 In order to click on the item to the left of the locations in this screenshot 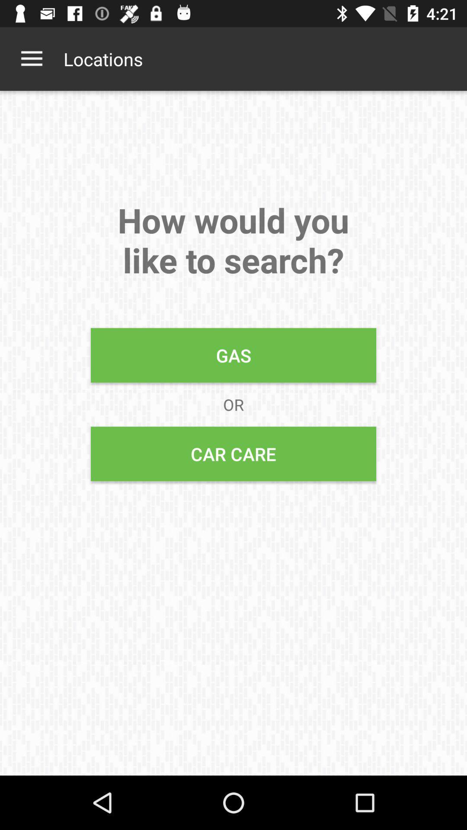, I will do `click(31, 58)`.